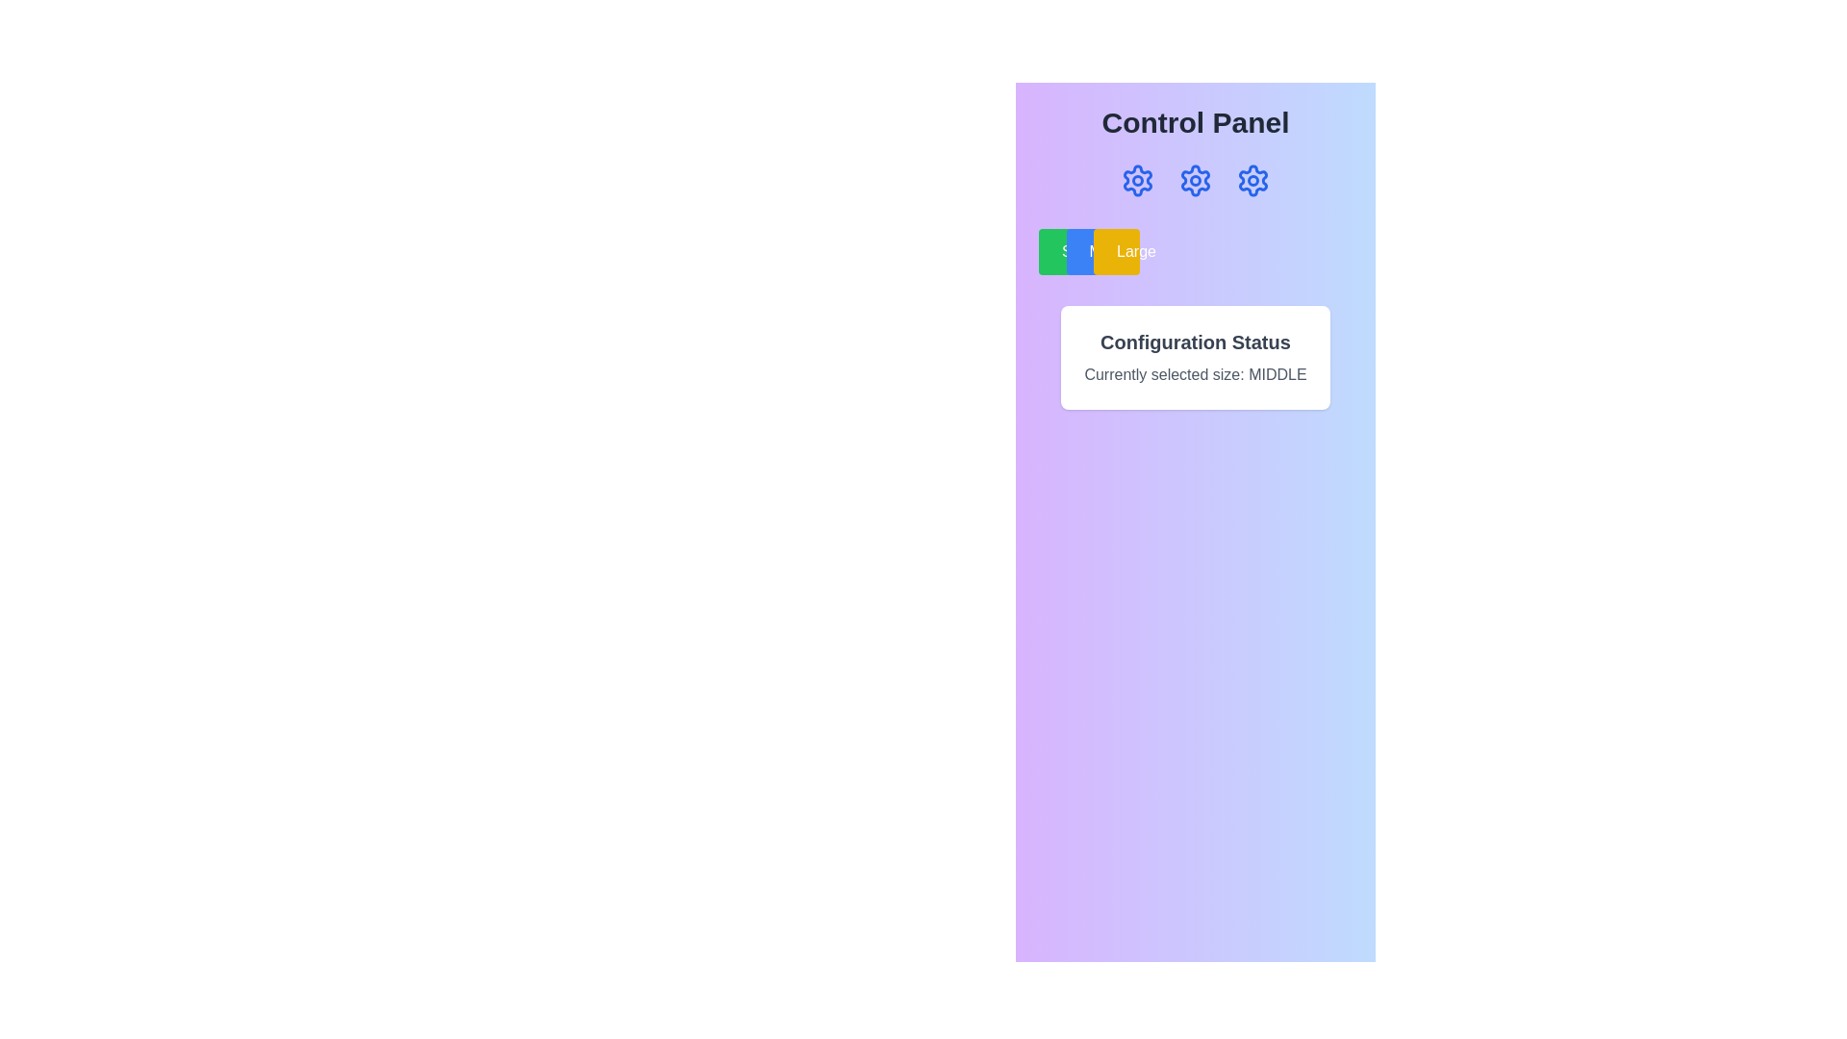 The width and height of the screenshot is (1847, 1039). Describe the element at coordinates (1252, 181) in the screenshot. I see `the blue cogwheel gear icon, which is the third gear icon in a control panel interface, to trigger a tooltip` at that location.